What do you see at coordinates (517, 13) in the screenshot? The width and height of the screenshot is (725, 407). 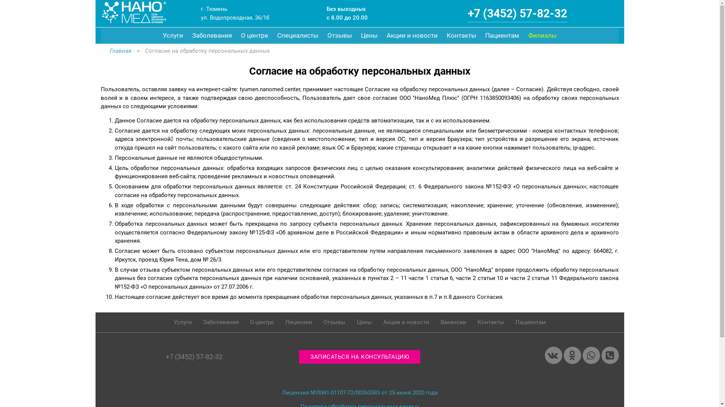 I see `'+7 (3452) 57-82-32'` at bounding box center [517, 13].